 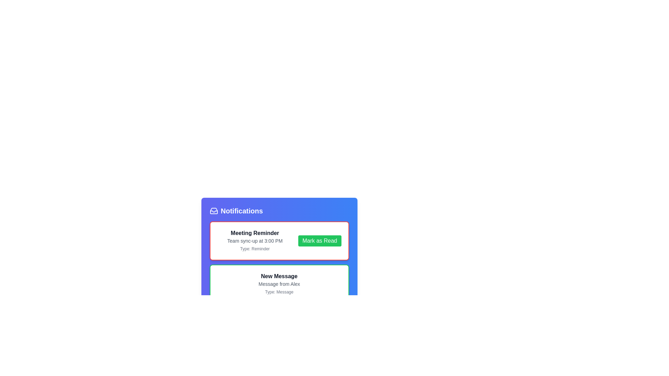 I want to click on the SVG shape that visually represents part of the notifications icon, located near the top-left of the interface, specifically above the 'Notifications' section, so click(x=213, y=211).